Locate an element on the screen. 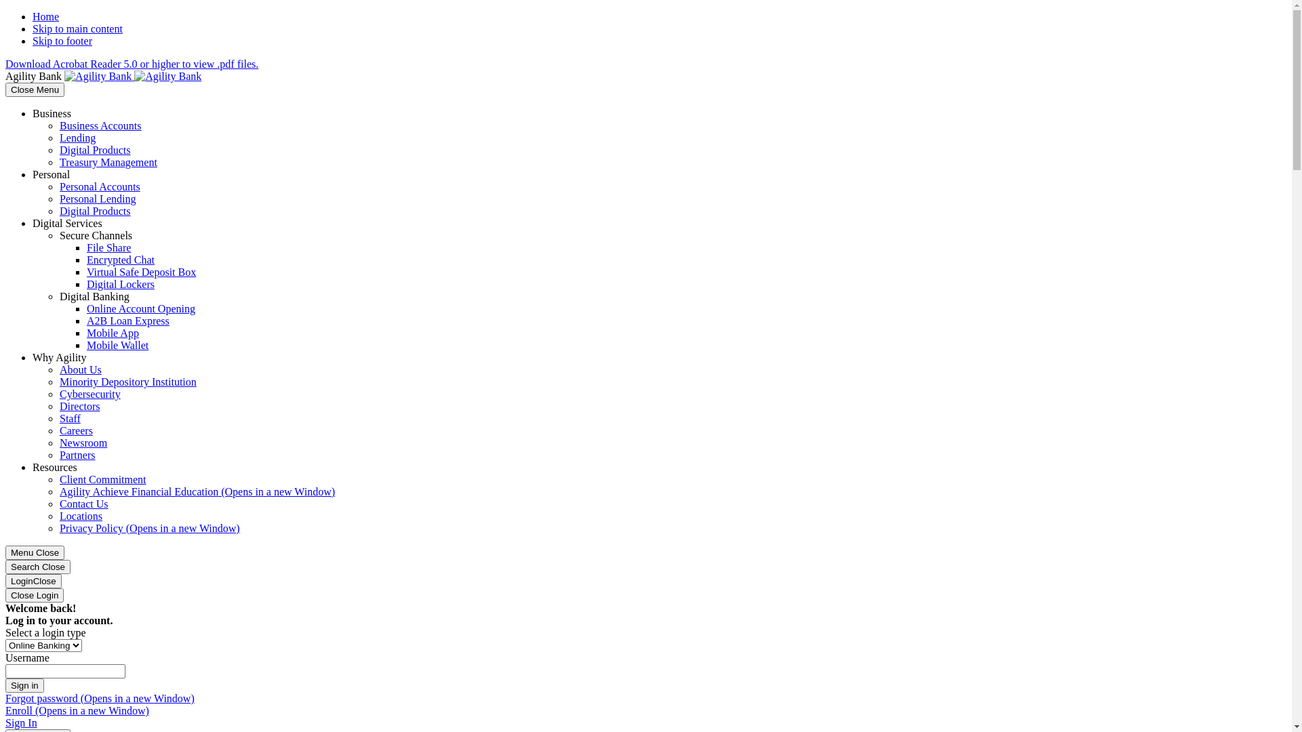 This screenshot has width=1302, height=732. 'Personal Accounts' is located at coordinates (99, 186).